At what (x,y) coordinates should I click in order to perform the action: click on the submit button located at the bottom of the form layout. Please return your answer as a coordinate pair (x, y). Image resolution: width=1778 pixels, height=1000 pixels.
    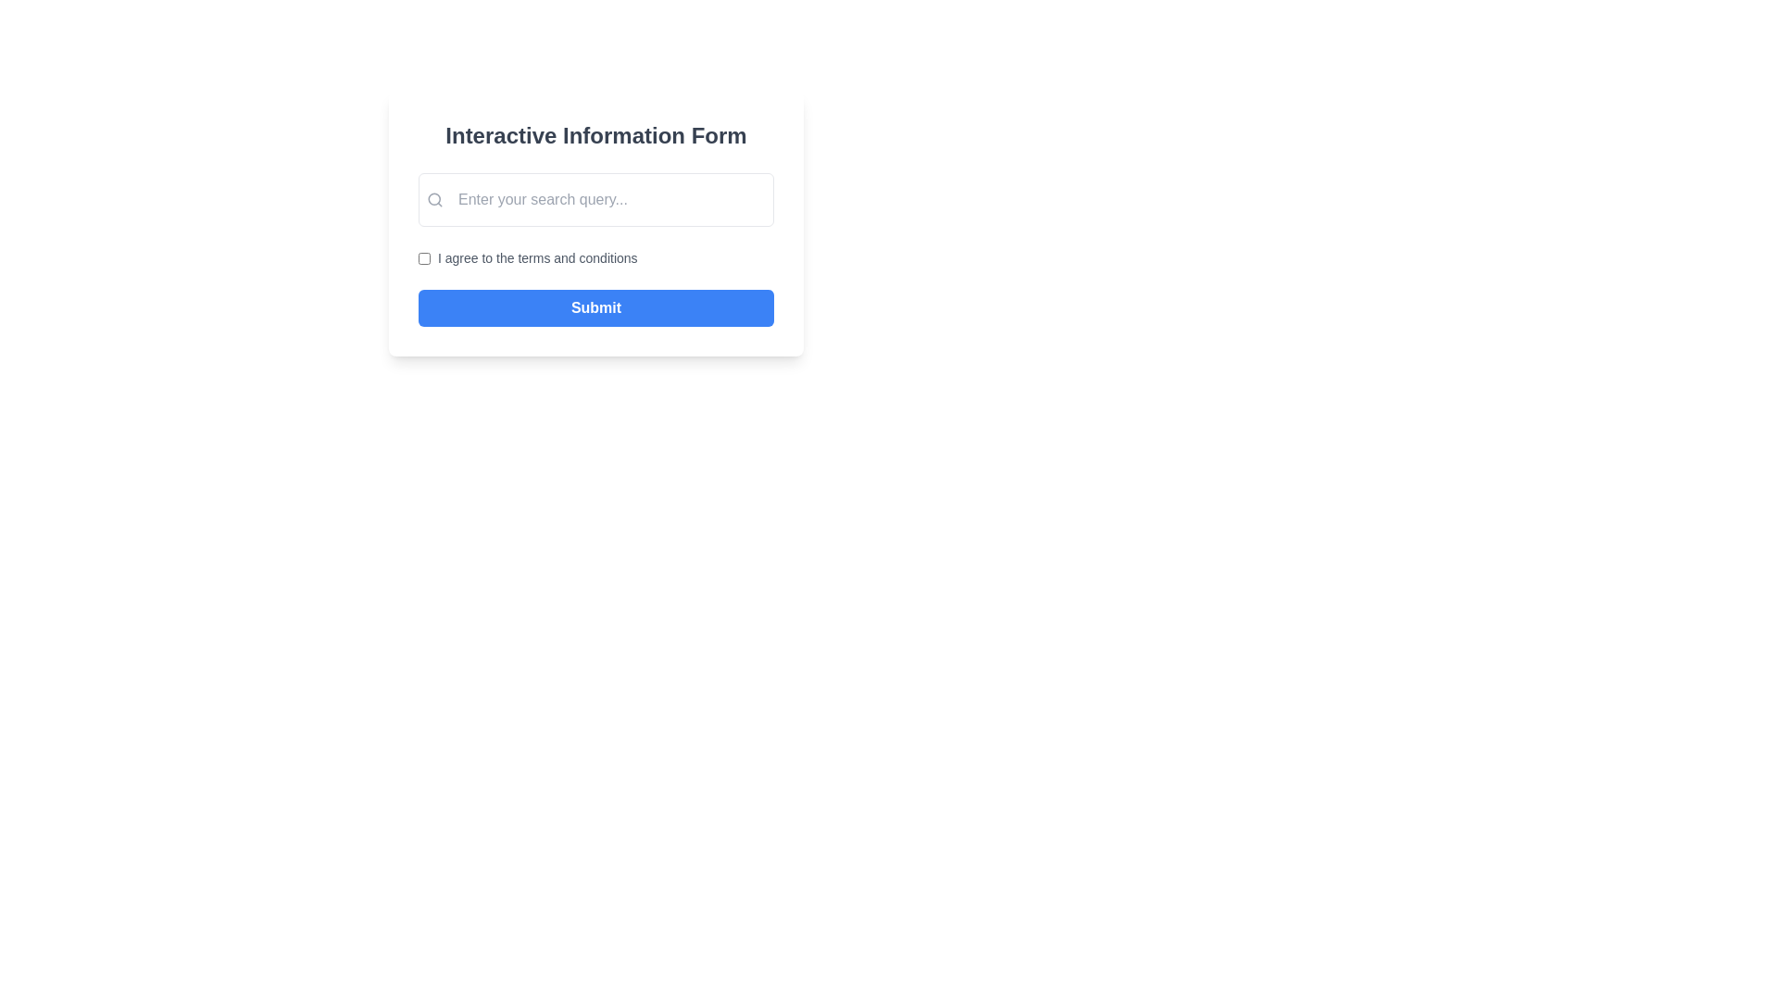
    Looking at the image, I should click on (595, 306).